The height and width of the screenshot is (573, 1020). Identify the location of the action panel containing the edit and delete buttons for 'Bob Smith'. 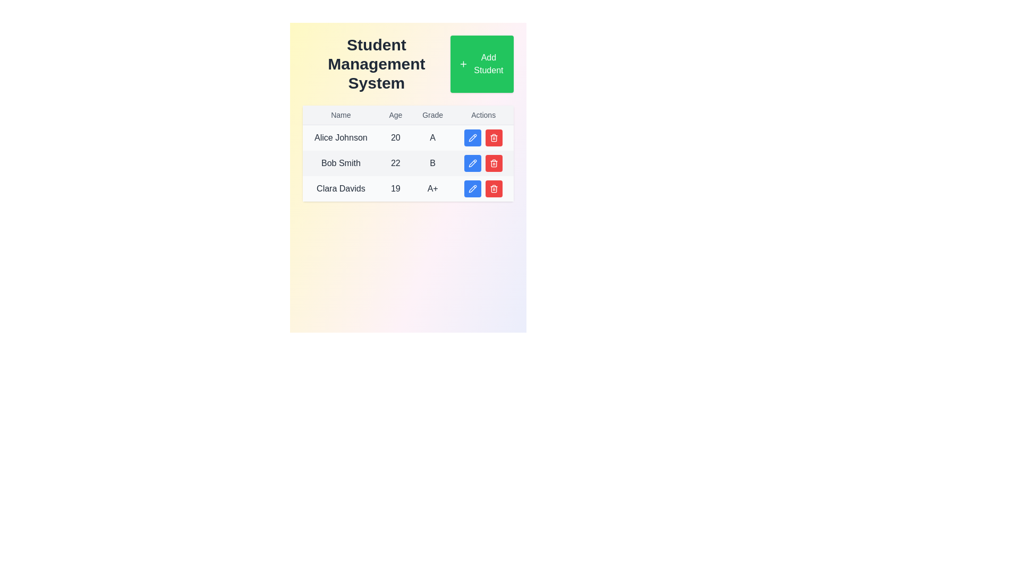
(483, 163).